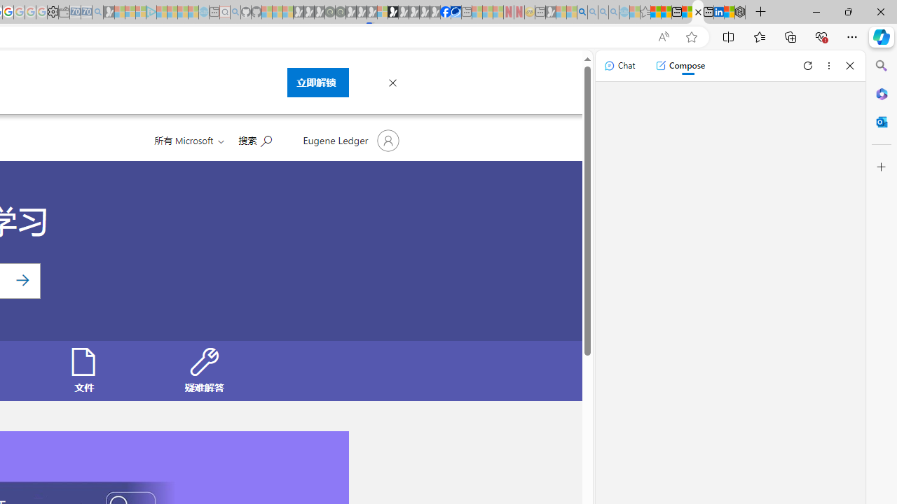  What do you see at coordinates (382, 12) in the screenshot?
I see `'Sign in to your account - Sleeping'` at bounding box center [382, 12].